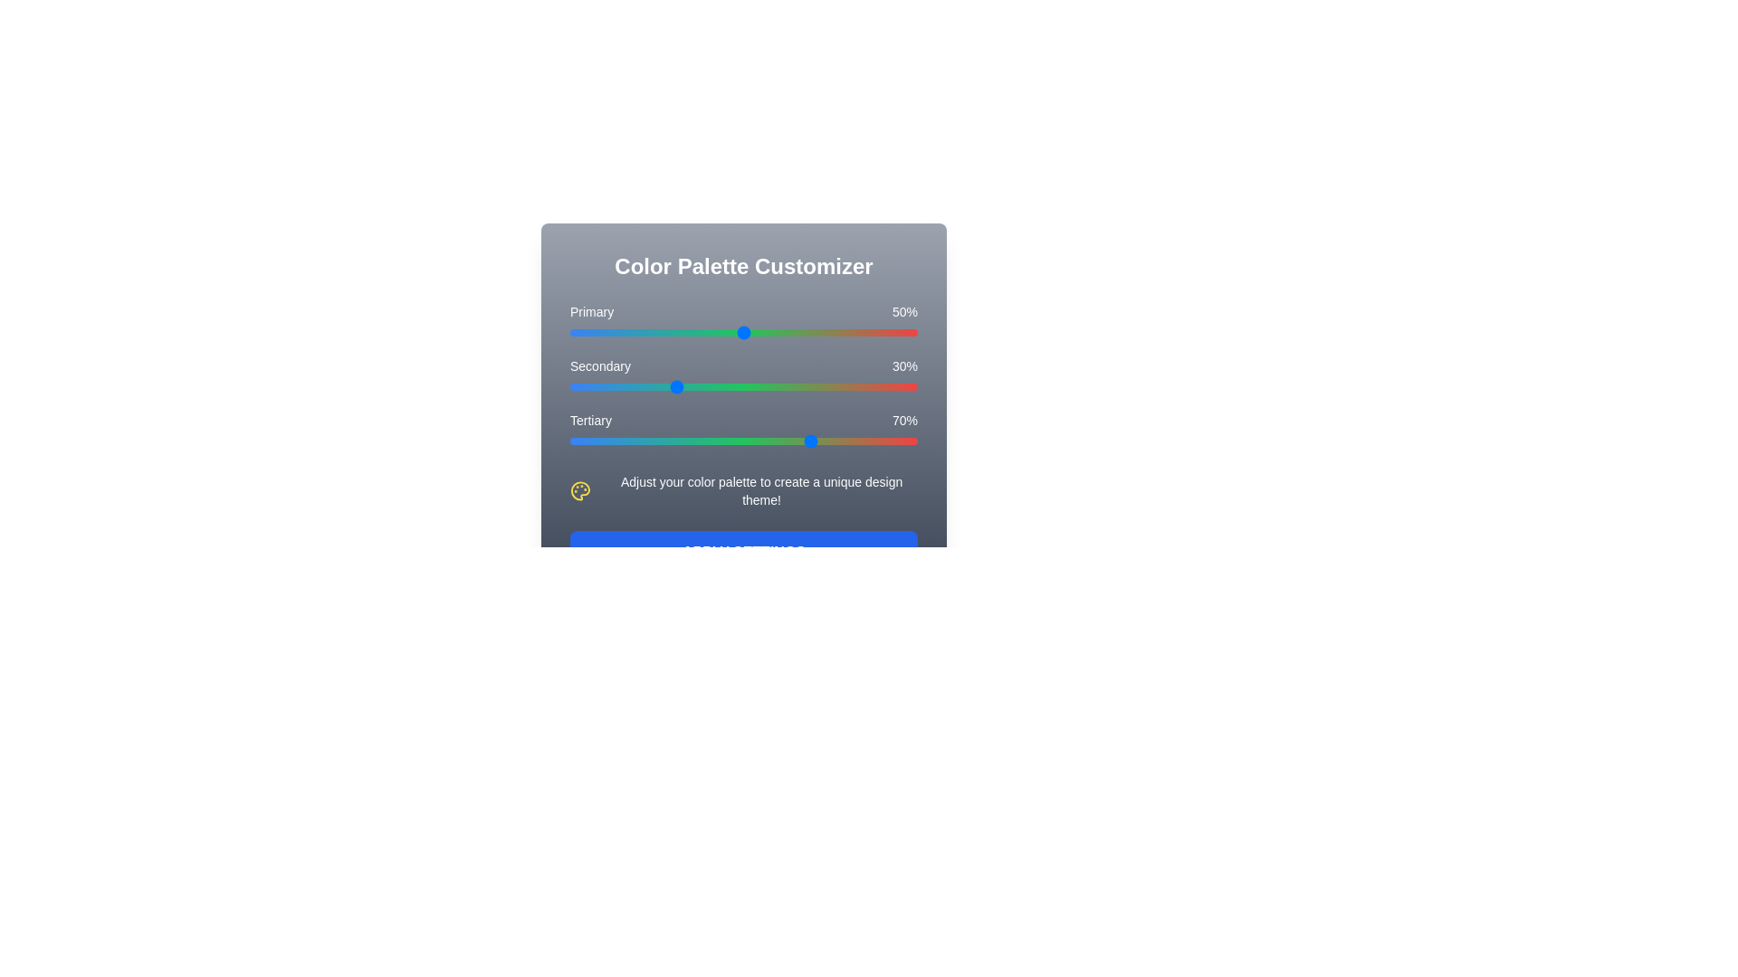 The width and height of the screenshot is (1738, 977). I want to click on the primary color intensity, so click(615, 332).